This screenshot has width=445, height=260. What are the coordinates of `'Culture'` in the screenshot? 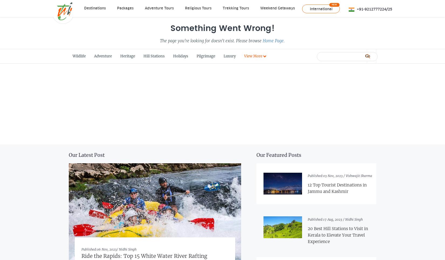 It's located at (243, 148).